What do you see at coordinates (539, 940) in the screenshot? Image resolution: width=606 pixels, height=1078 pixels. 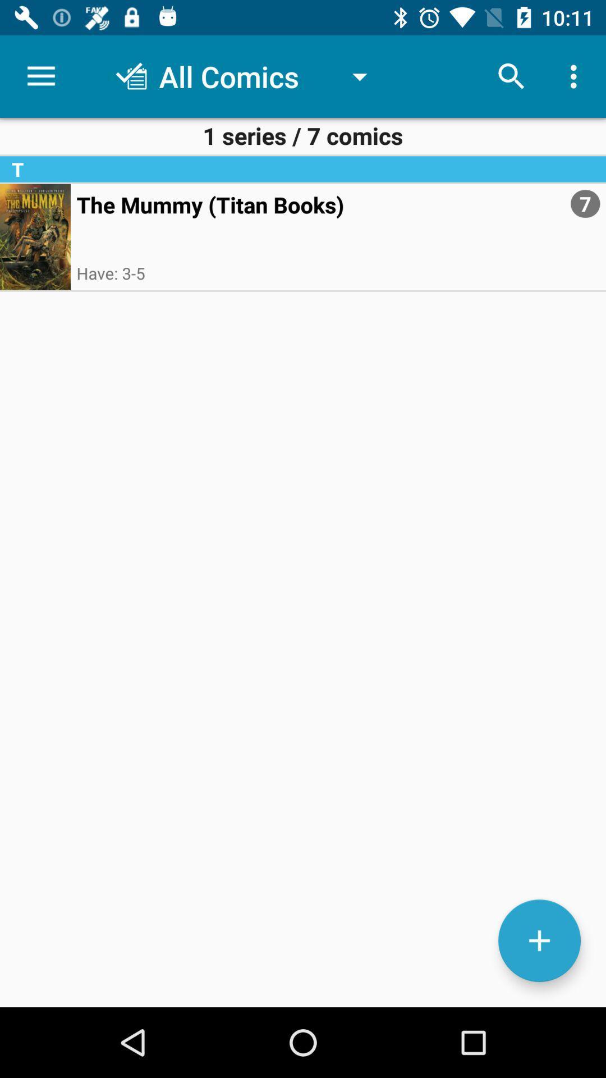 I see `add button` at bounding box center [539, 940].